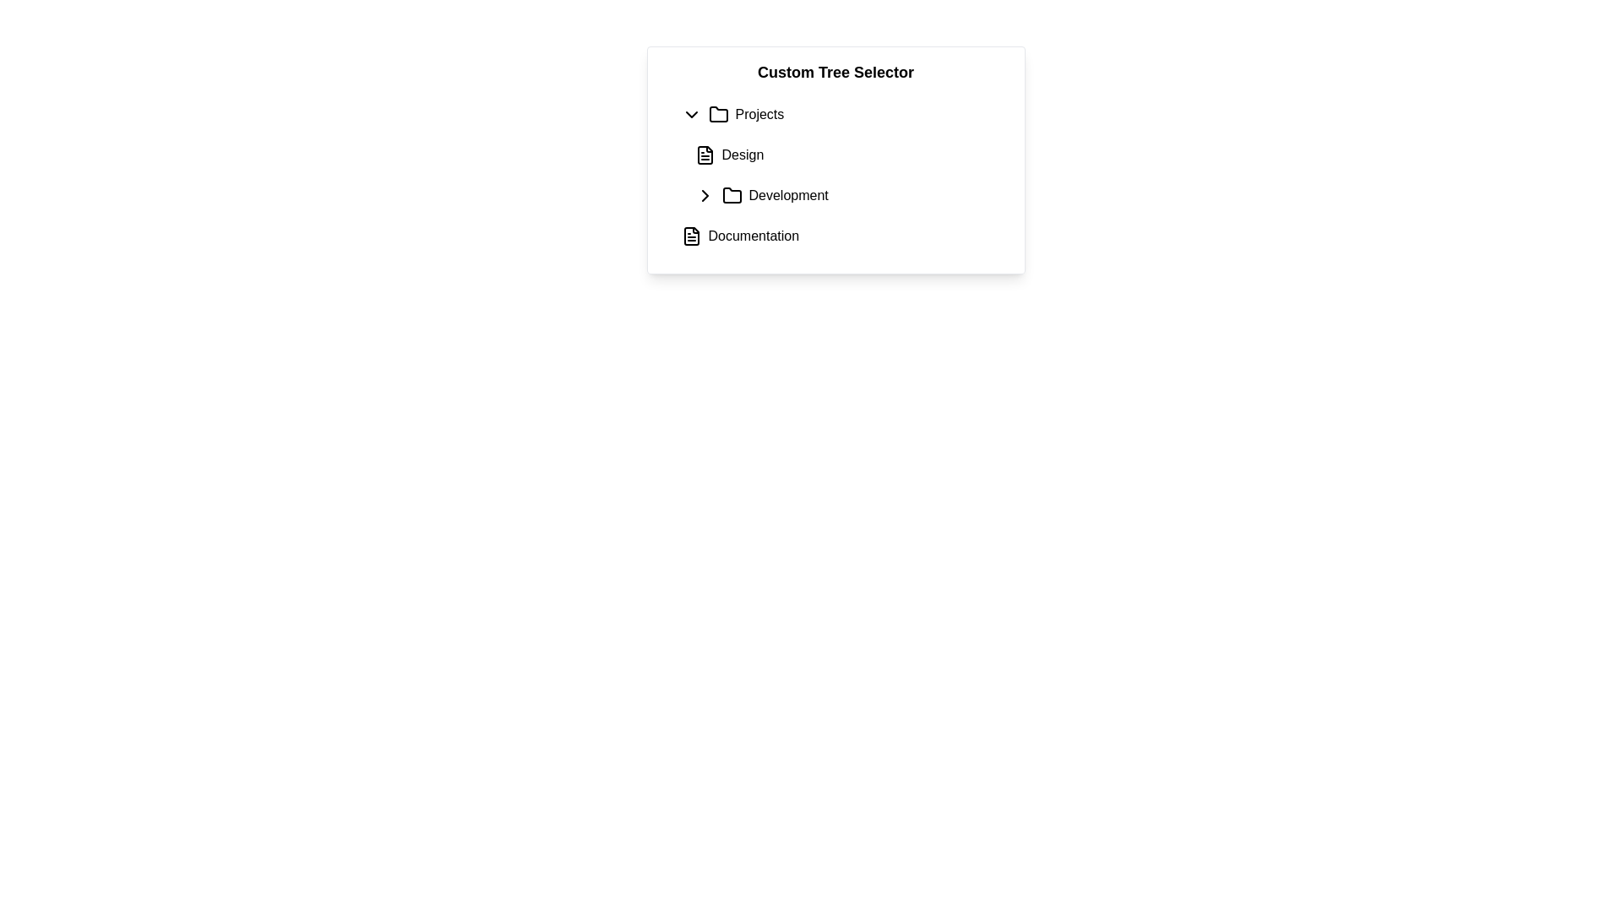 The image size is (1622, 912). What do you see at coordinates (743, 155) in the screenshot?
I see `the 'Design' menu item located under the 'Projects' category in the tree selector menu` at bounding box center [743, 155].